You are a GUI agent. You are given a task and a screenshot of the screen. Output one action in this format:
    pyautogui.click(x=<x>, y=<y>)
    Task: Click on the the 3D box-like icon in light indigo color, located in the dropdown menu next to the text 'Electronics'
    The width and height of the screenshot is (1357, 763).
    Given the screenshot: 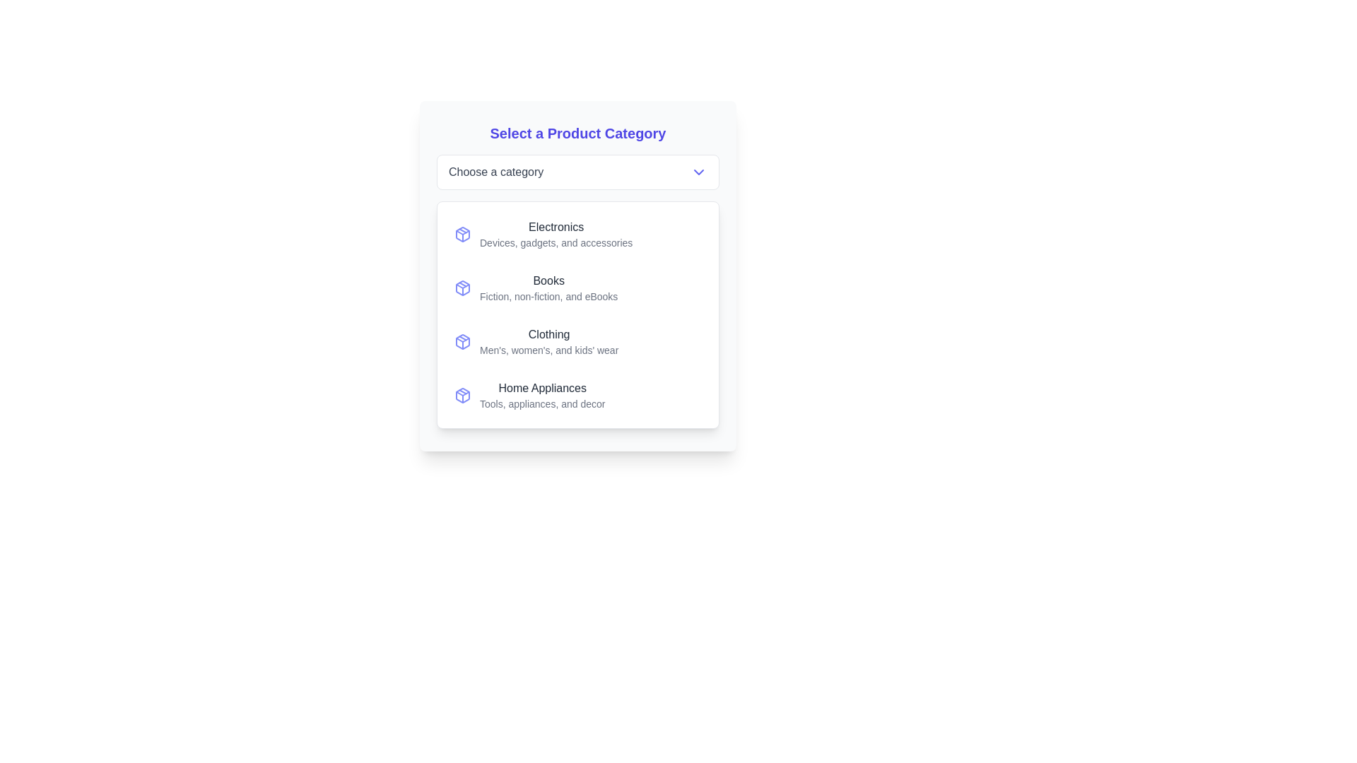 What is the action you would take?
    pyautogui.click(x=462, y=233)
    